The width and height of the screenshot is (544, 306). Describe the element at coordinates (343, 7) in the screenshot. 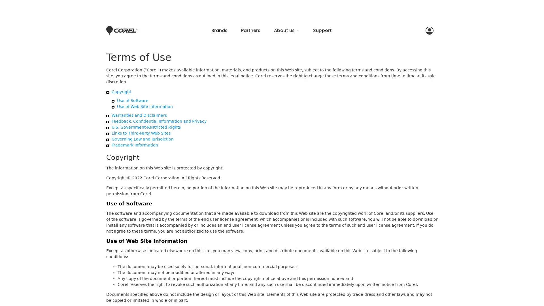

I see `Close` at that location.